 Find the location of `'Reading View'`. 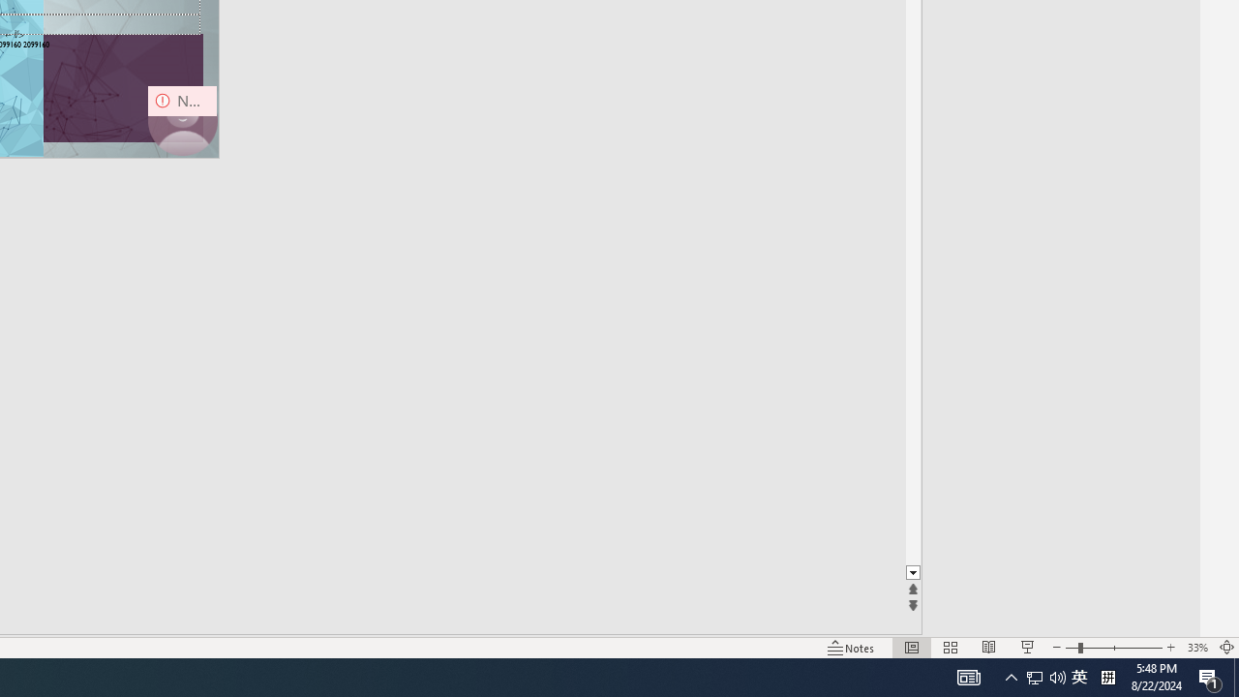

'Reading View' is located at coordinates (989, 648).